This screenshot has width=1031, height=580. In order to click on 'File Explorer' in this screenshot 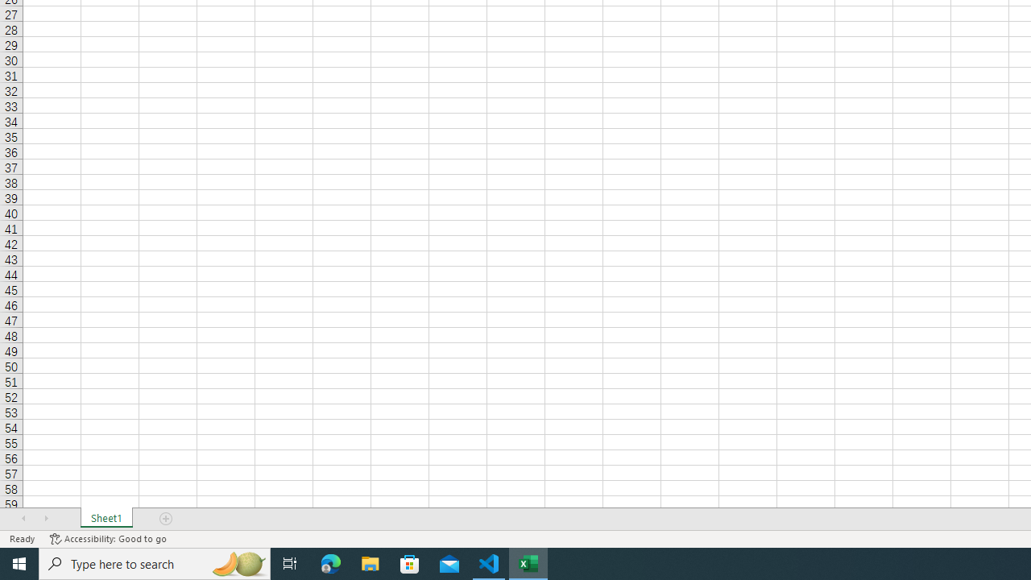, I will do `click(370, 562)`.